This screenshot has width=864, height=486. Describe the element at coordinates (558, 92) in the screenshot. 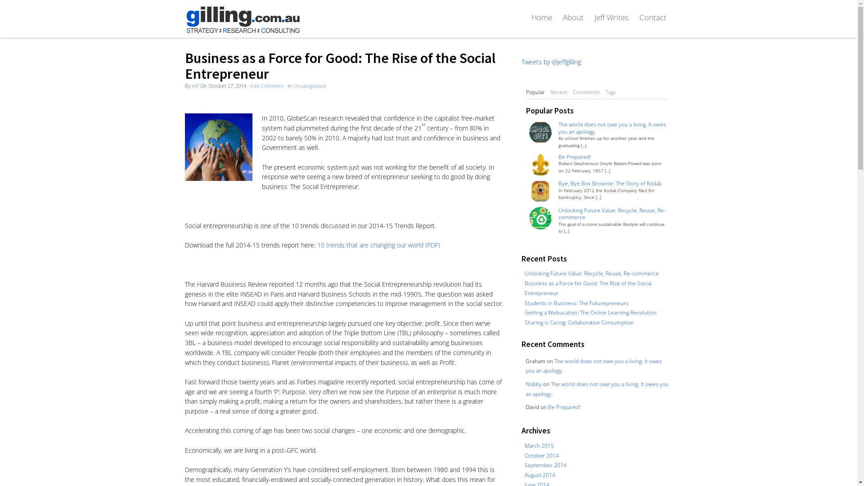

I see `'Recent'` at that location.